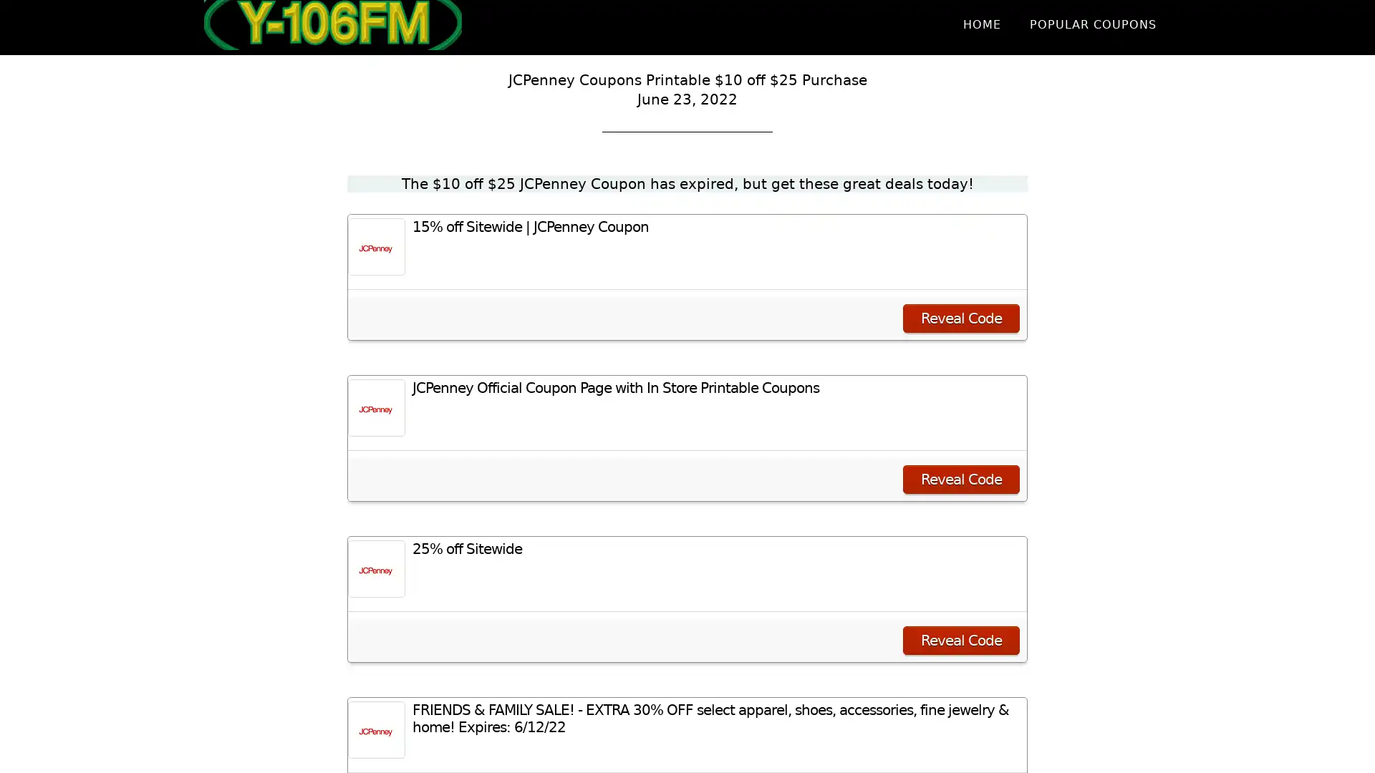 This screenshot has height=773, width=1375. I want to click on Reveal Code, so click(961, 480).